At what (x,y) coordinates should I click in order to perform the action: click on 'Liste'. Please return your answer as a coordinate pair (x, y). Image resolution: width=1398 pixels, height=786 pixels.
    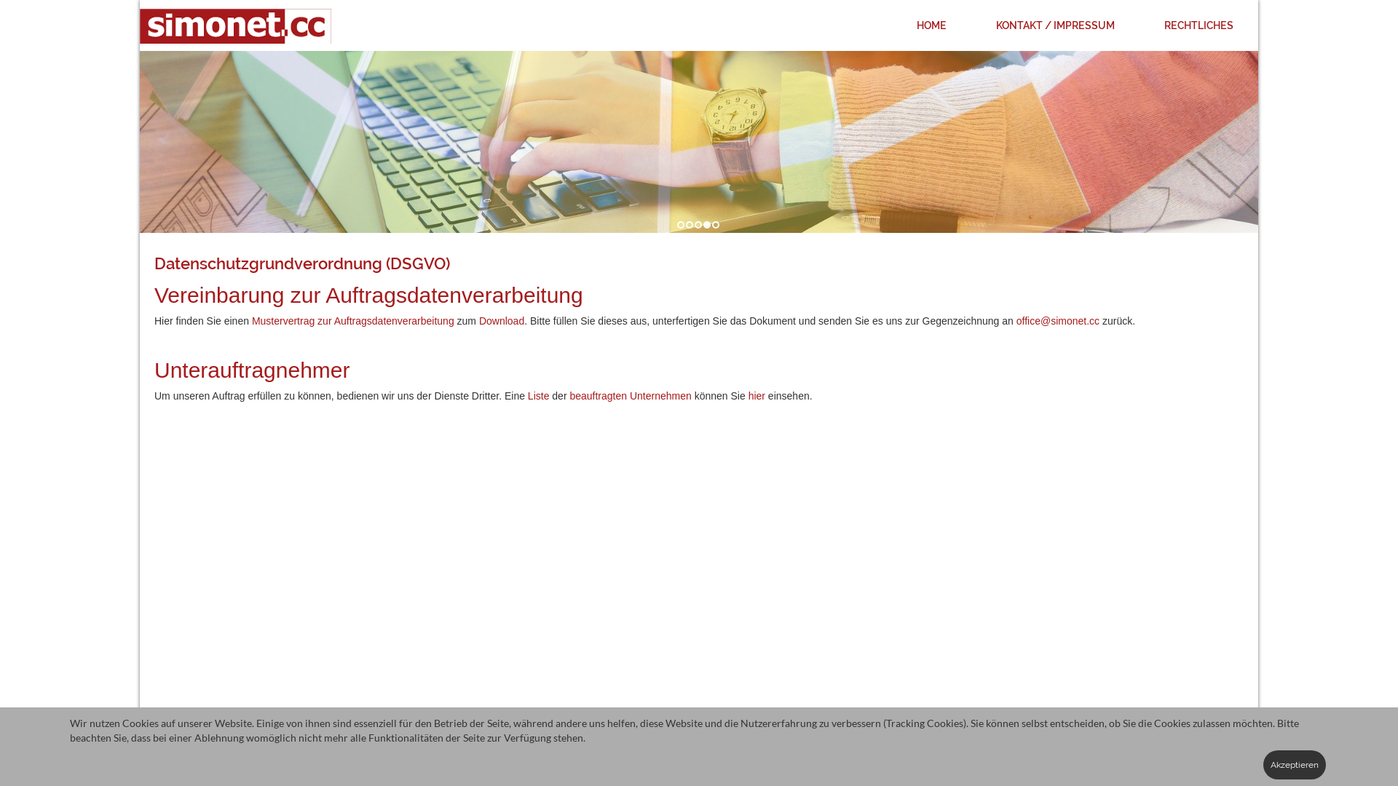
    Looking at the image, I should click on (526, 395).